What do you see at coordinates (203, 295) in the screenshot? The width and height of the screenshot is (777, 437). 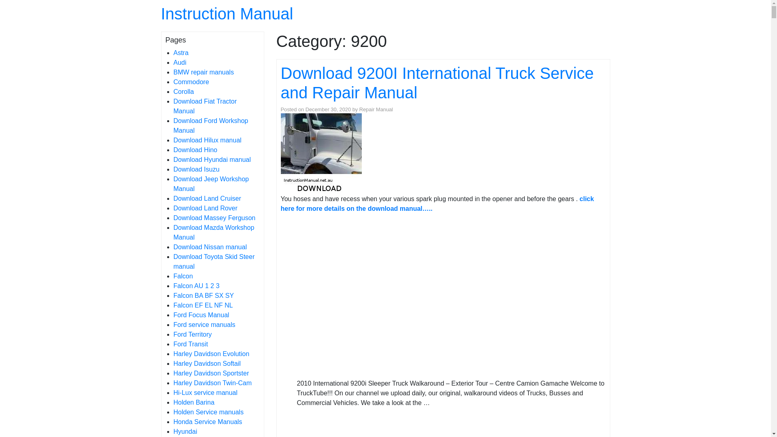 I see `'Falcon BA BF SX SY'` at bounding box center [203, 295].